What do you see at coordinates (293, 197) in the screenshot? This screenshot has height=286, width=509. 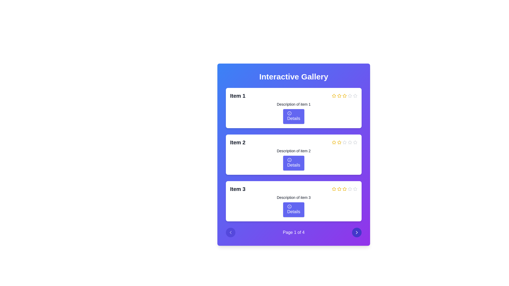 I see `the Text Block in the third card-like section labeled 'Item 3', which provides descriptive information about the card's contents, located below its title and above the 'Details' button` at bounding box center [293, 197].